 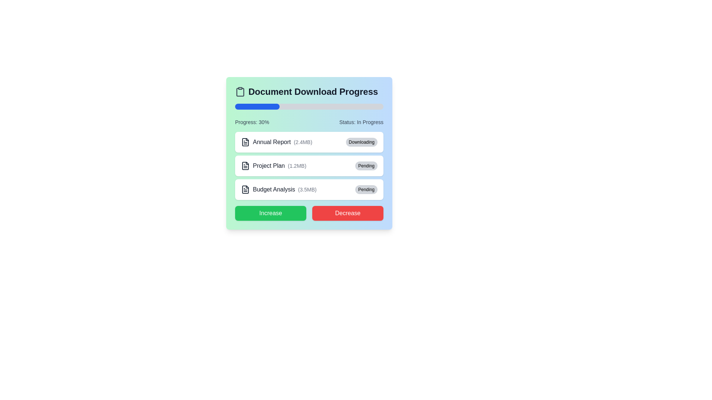 What do you see at coordinates (270, 213) in the screenshot?
I see `the rectangular button with a bright green background and white text reading 'Increase' located in the bottom section of the 'Document Download Progress' interface` at bounding box center [270, 213].